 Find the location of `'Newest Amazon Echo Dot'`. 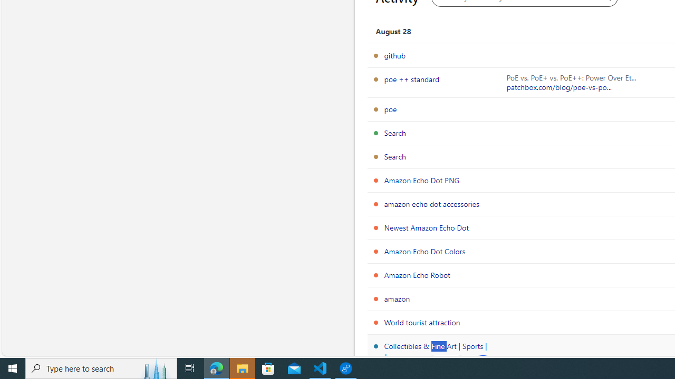

'Newest Amazon Echo Dot' is located at coordinates (426, 227).